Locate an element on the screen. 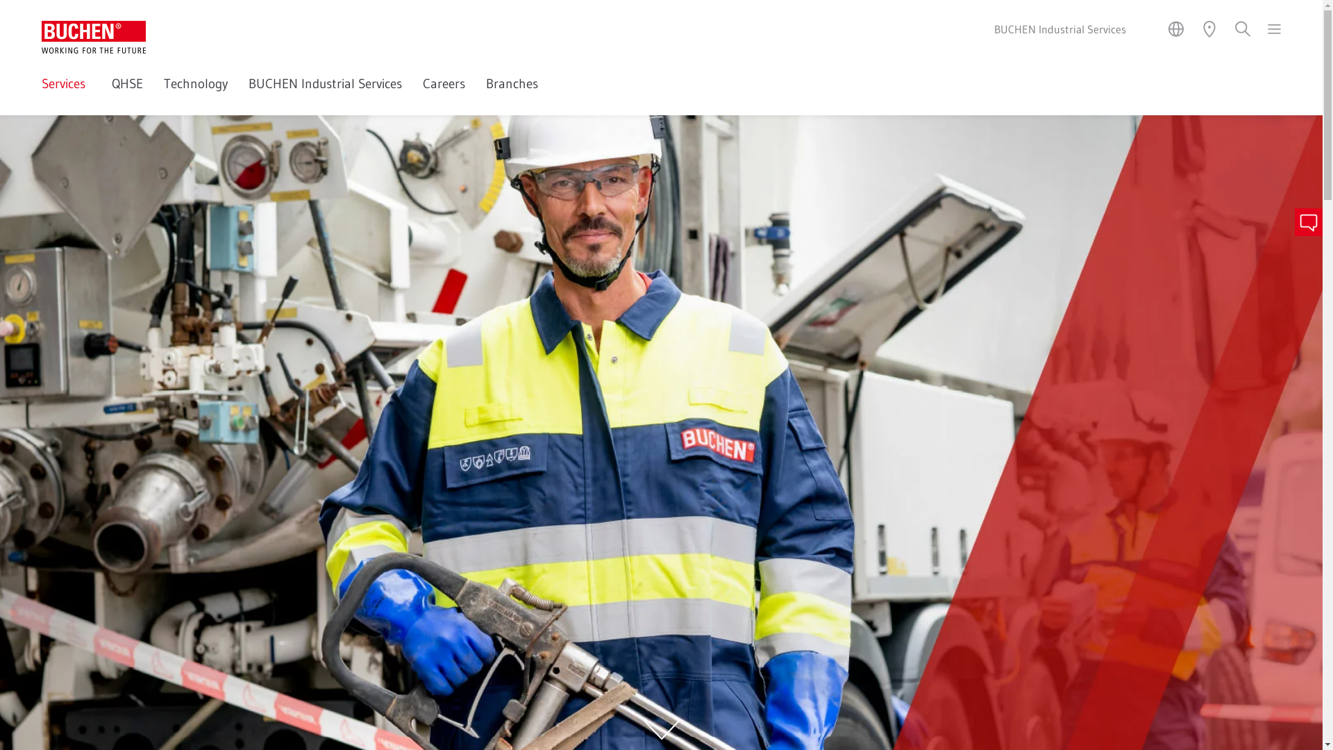 This screenshot has height=750, width=1333. 'Careers' is located at coordinates (443, 94).